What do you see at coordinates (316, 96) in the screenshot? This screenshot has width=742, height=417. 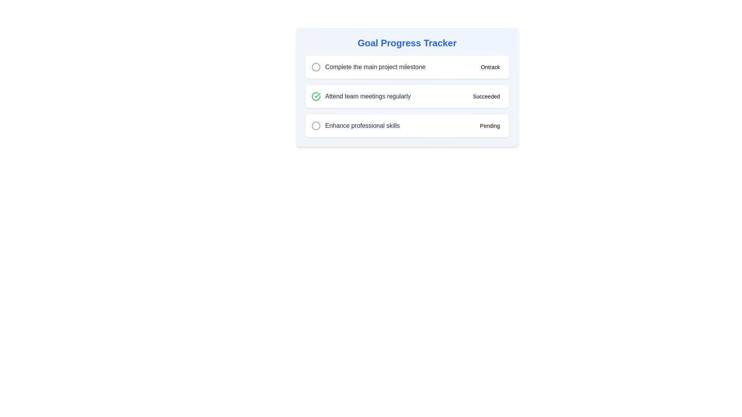 I see `the green circular icon with a checkmark that is positioned to the left of the 'Attend team meetings regularly' list item` at bounding box center [316, 96].